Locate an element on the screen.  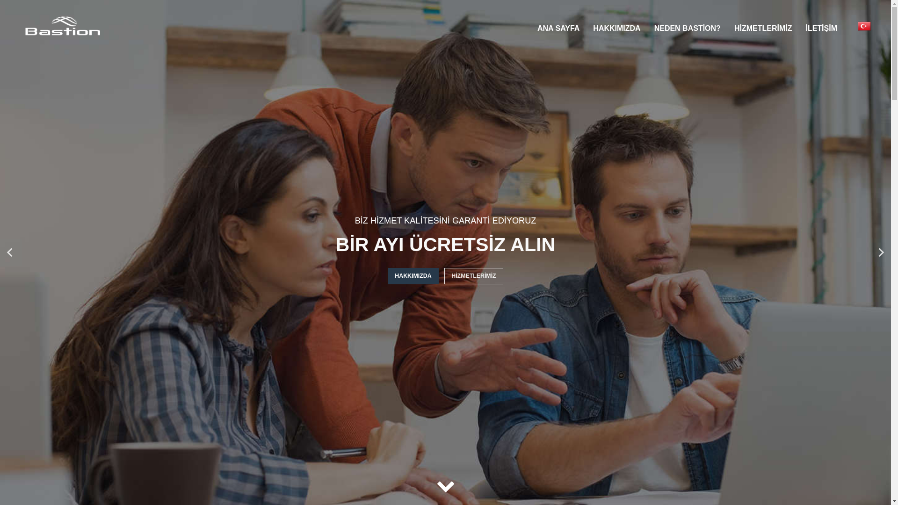
'HAKKIMIZDA' is located at coordinates (616, 28).